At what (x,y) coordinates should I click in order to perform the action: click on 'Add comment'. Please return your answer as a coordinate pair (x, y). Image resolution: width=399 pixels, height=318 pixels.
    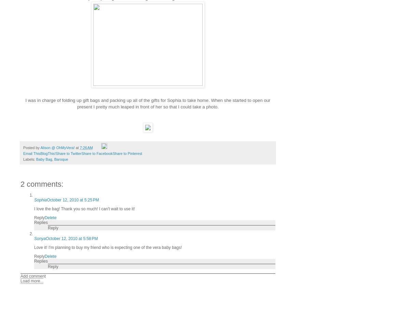
    Looking at the image, I should click on (32, 275).